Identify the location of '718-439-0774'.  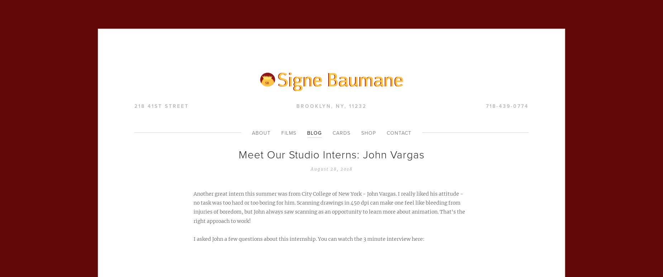
(485, 106).